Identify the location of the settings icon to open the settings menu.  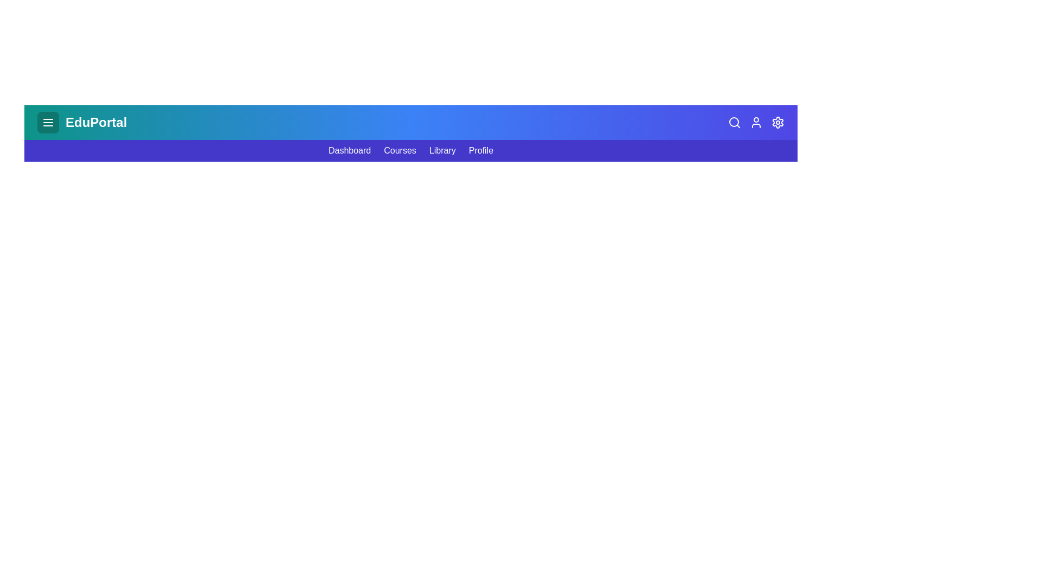
(777, 122).